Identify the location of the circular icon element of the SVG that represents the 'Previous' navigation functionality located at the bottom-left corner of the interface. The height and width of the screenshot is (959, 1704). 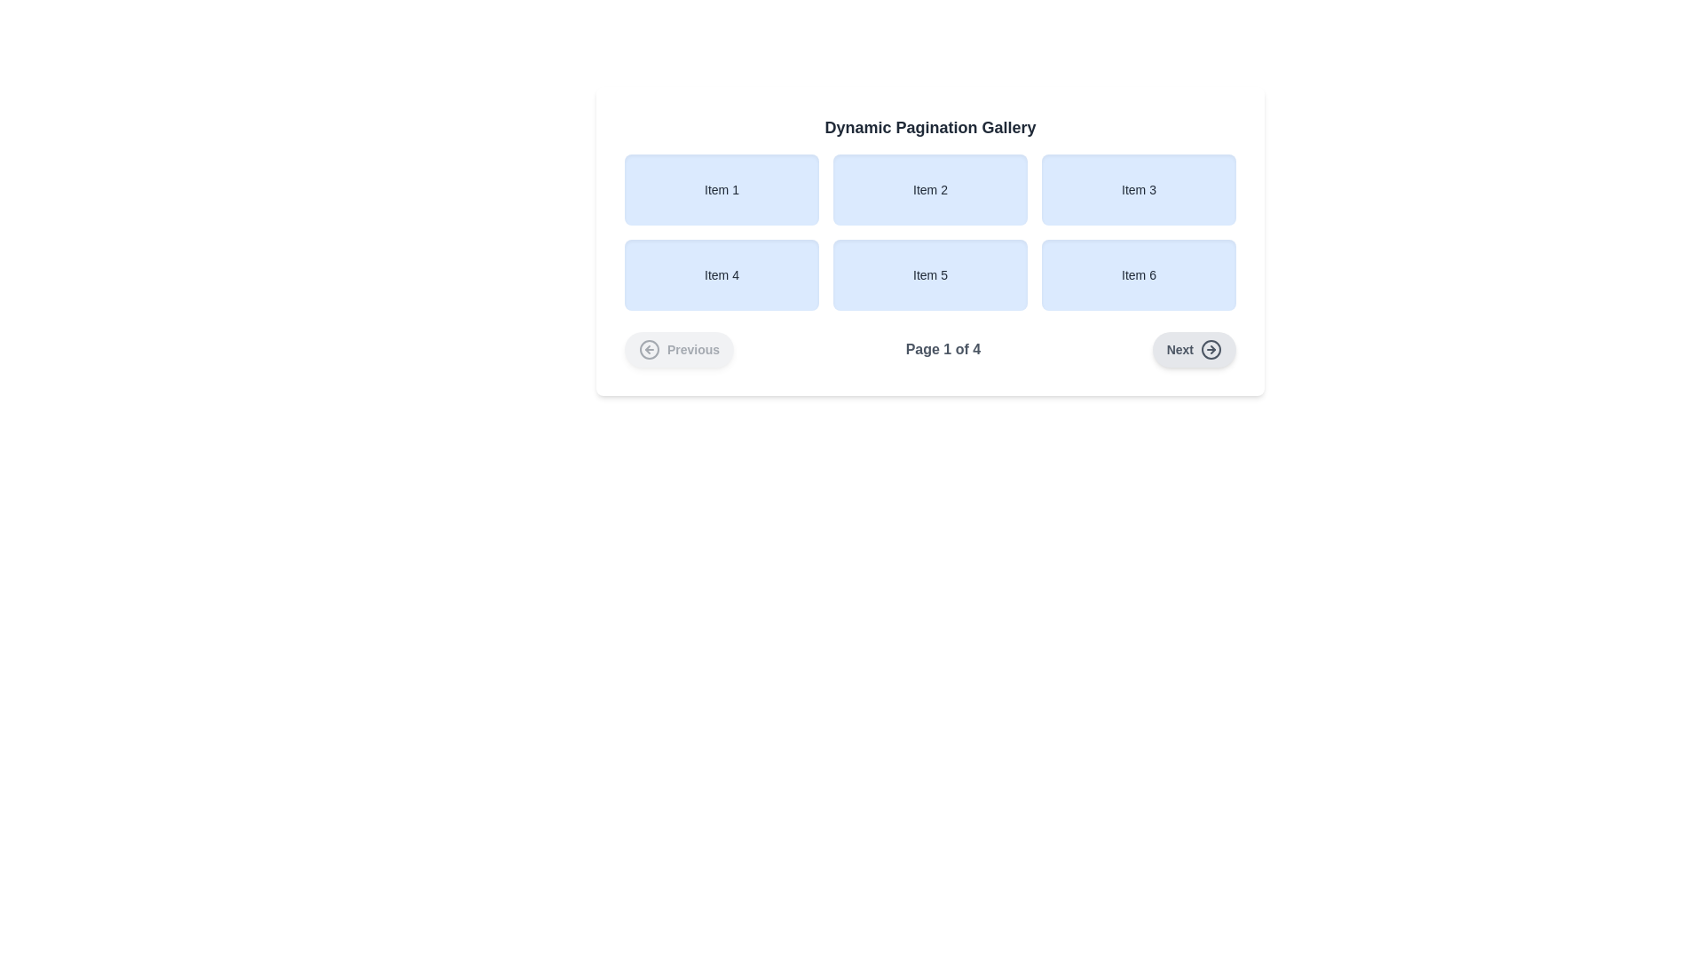
(648, 349).